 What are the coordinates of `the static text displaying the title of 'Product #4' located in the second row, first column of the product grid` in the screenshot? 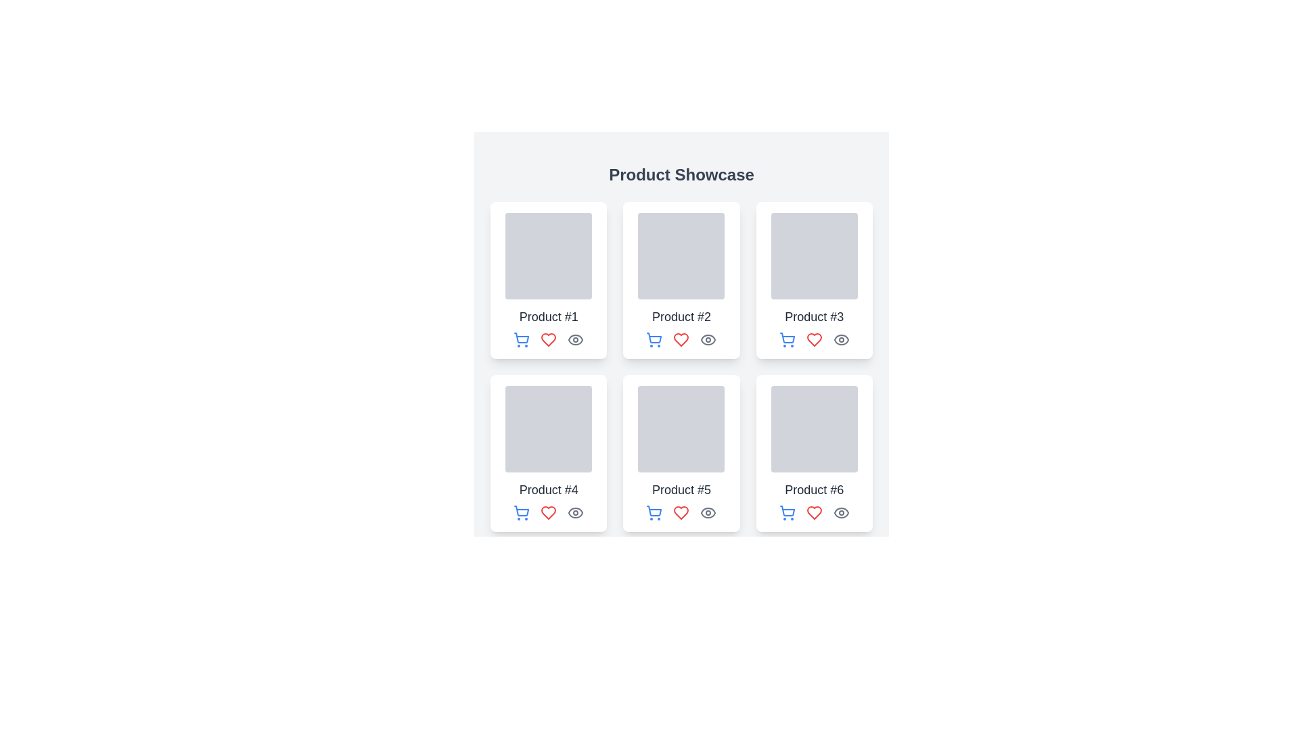 It's located at (549, 490).